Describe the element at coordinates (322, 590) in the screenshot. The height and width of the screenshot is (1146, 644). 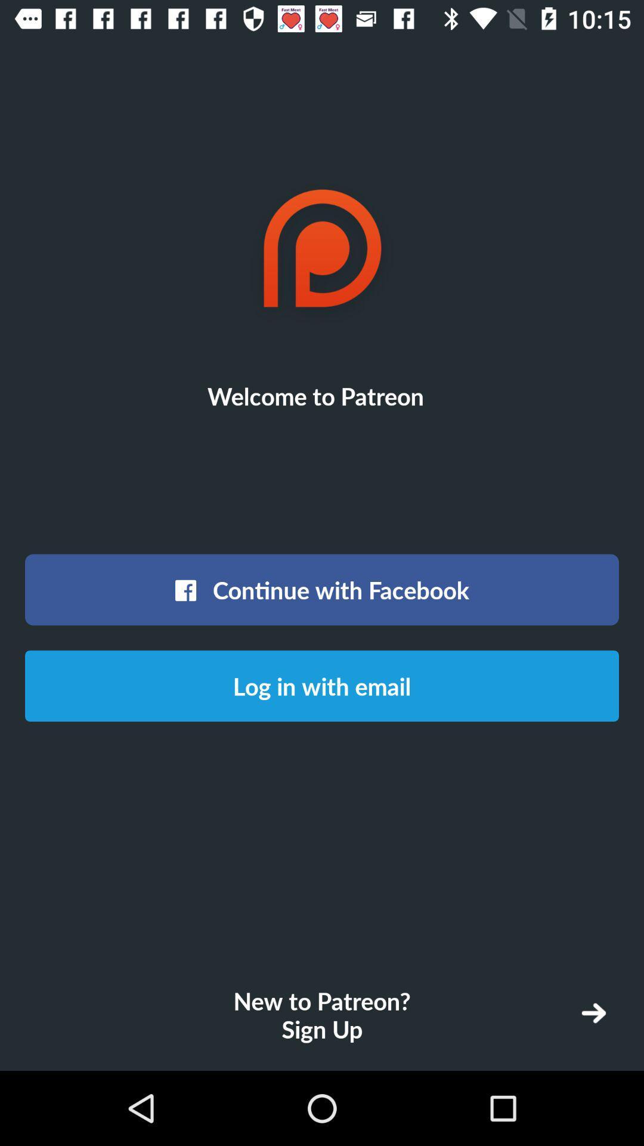
I see `item above the log in with icon` at that location.